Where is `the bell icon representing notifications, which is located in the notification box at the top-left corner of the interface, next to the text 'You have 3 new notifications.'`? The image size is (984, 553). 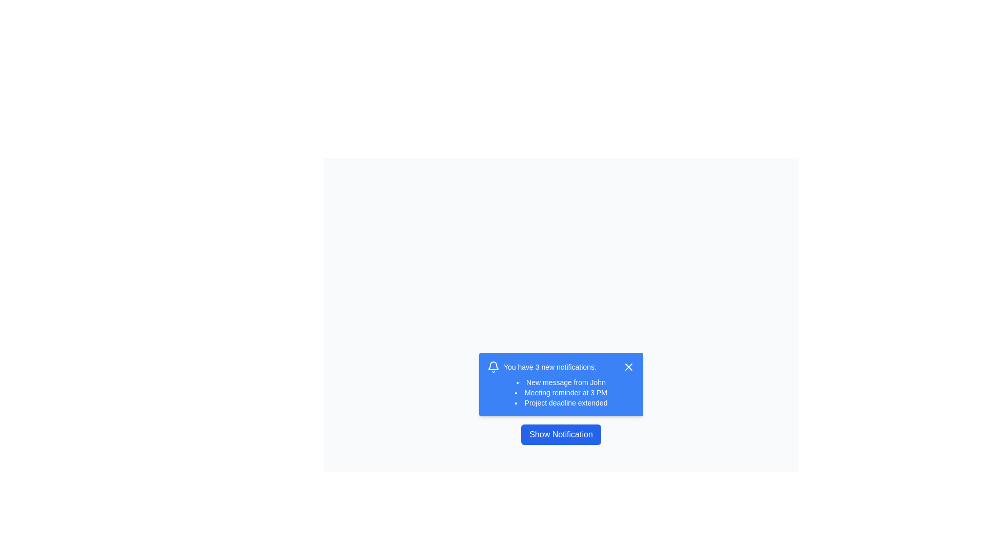 the bell icon representing notifications, which is located in the notification box at the top-left corner of the interface, next to the text 'You have 3 new notifications.' is located at coordinates (494, 367).